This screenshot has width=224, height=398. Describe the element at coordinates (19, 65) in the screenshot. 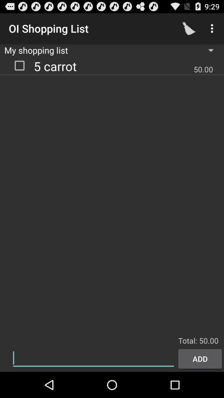

I see `checkbox button` at that location.